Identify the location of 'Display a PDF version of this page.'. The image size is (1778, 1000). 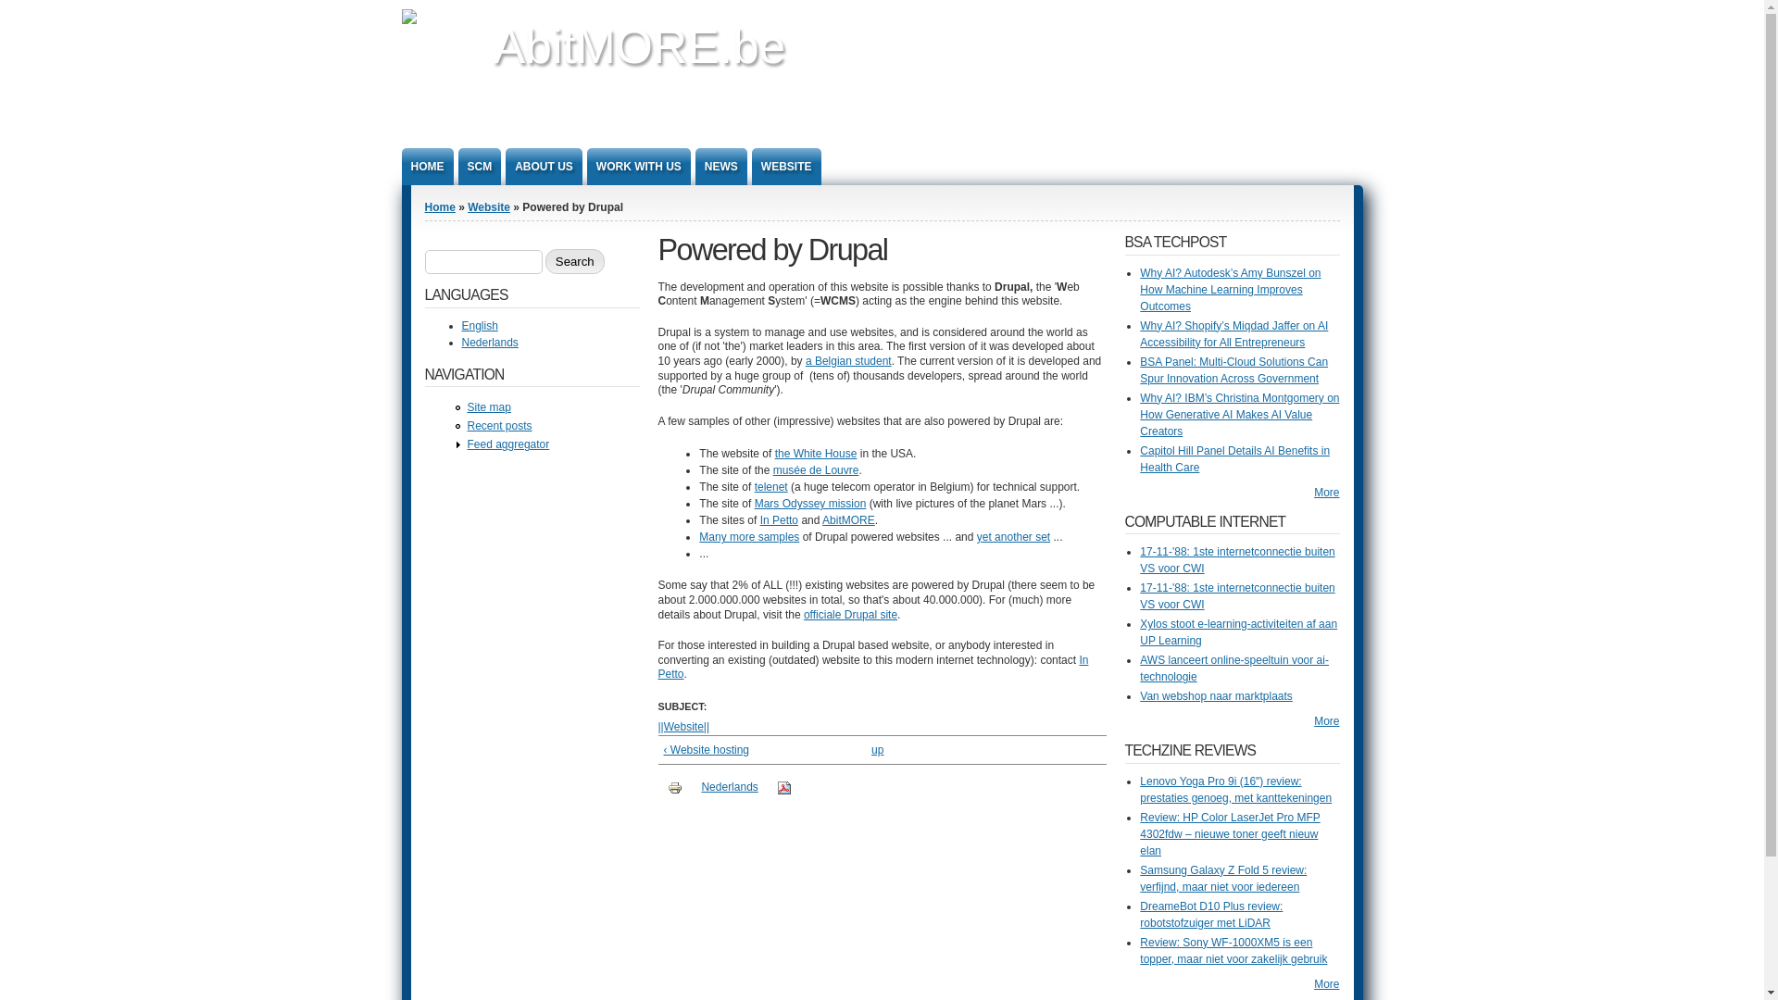
(783, 786).